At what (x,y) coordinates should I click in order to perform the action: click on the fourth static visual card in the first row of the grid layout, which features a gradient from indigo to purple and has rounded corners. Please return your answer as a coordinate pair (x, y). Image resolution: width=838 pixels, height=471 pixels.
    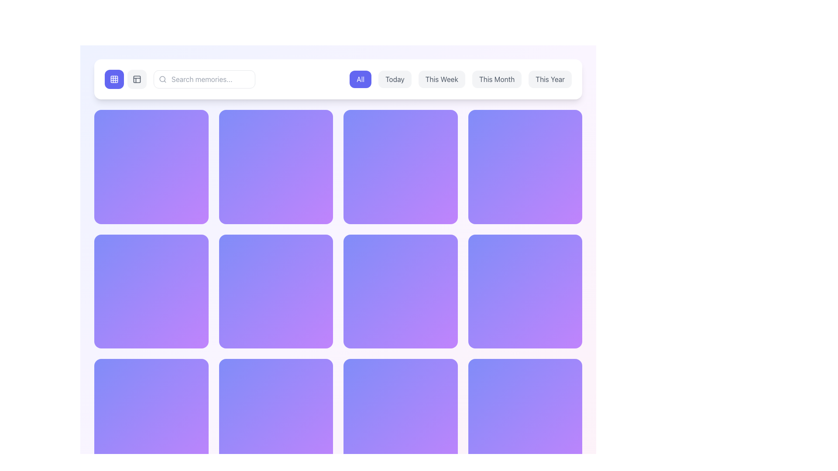
    Looking at the image, I should click on (525, 167).